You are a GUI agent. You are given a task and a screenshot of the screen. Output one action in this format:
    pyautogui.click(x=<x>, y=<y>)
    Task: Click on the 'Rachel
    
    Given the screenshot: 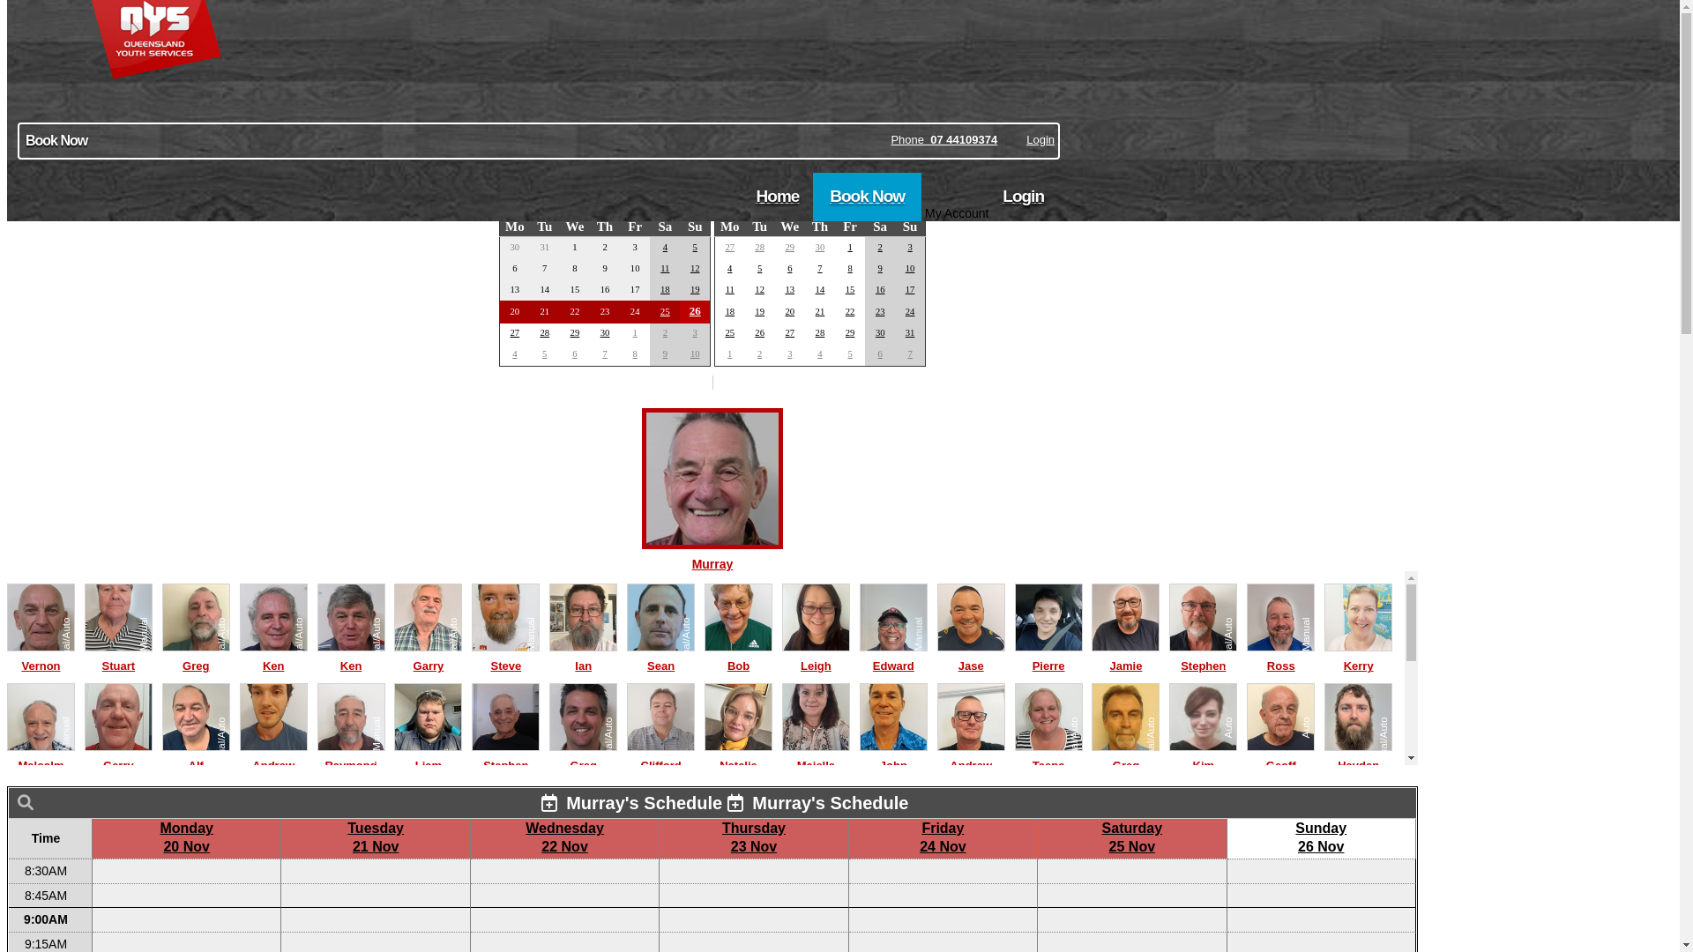 What is the action you would take?
    pyautogui.click(x=1357, y=855)
    